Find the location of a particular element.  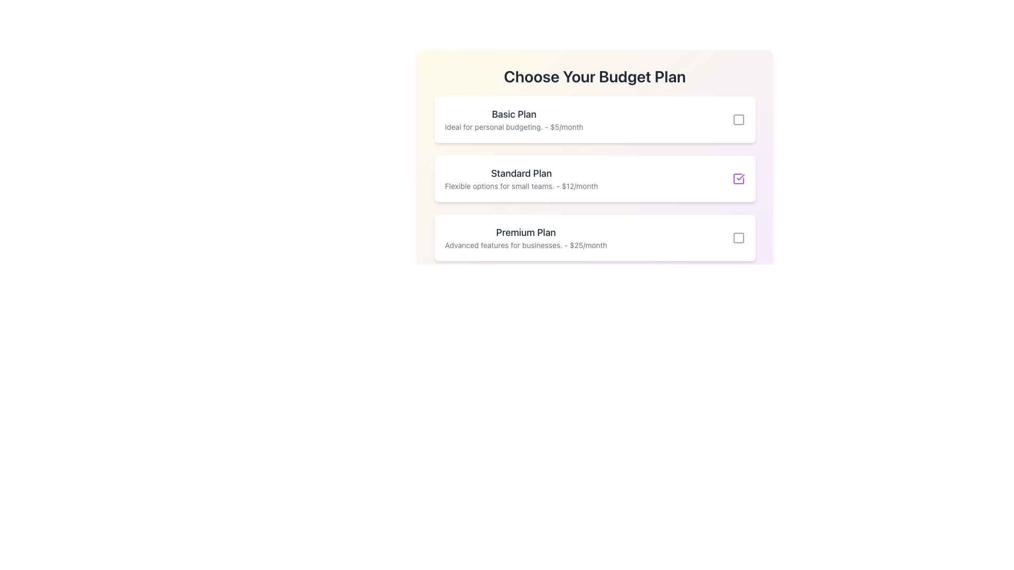

the text label providing information about the 'Basic Plan', which is positioned below the 'Basic Plan' text in the first plan option section is located at coordinates (514, 126).